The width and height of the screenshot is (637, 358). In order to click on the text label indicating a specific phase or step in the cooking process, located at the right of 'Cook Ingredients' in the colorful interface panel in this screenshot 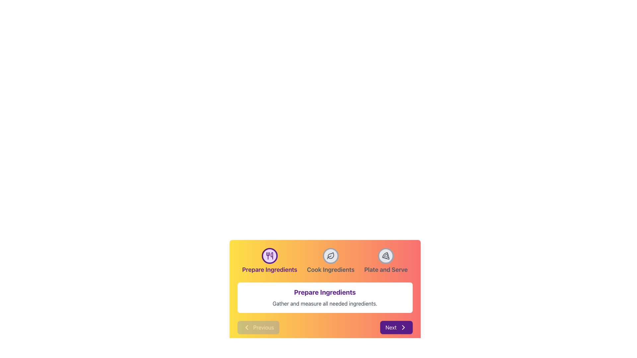, I will do `click(386, 269)`.